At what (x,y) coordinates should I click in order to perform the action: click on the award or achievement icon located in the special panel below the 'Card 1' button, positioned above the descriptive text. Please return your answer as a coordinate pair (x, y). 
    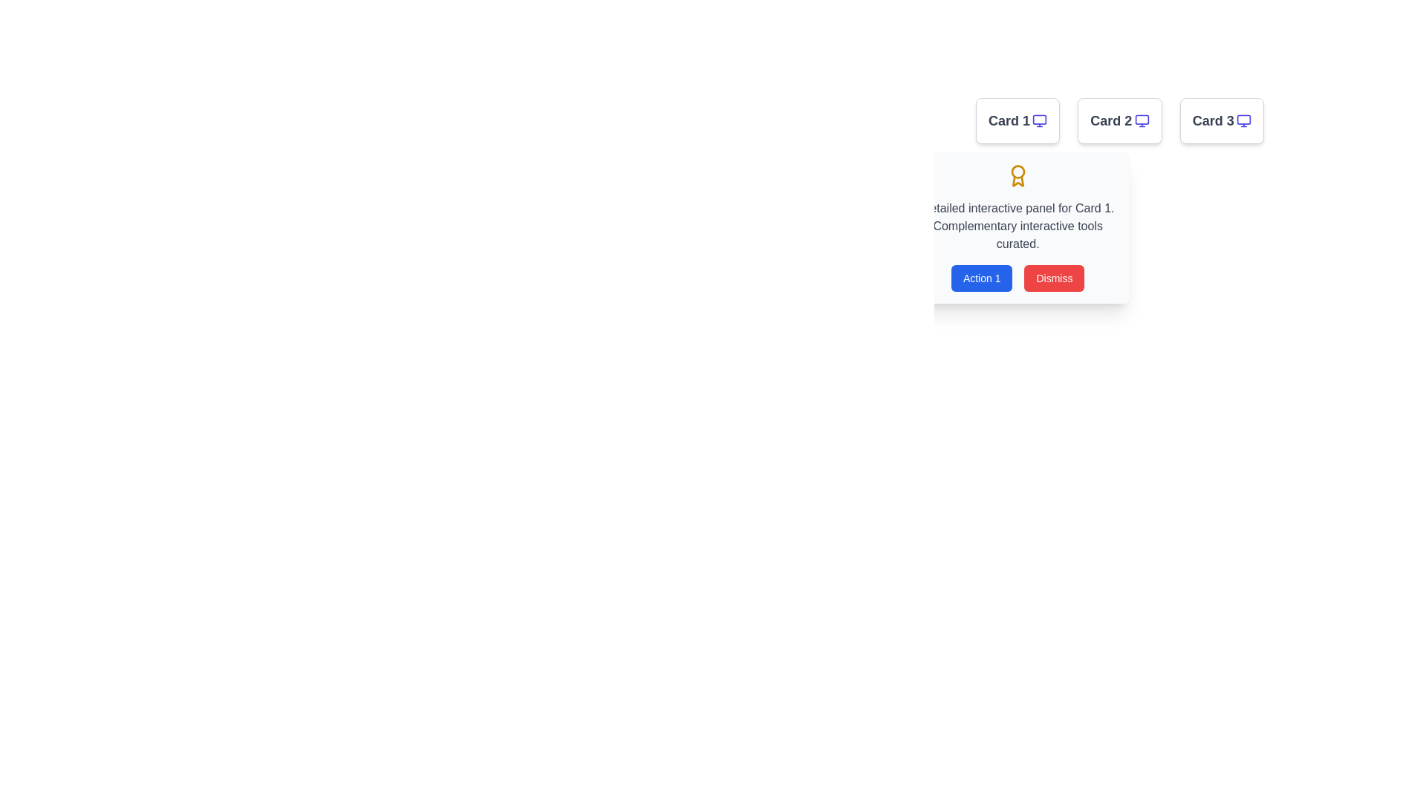
    Looking at the image, I should click on (1017, 175).